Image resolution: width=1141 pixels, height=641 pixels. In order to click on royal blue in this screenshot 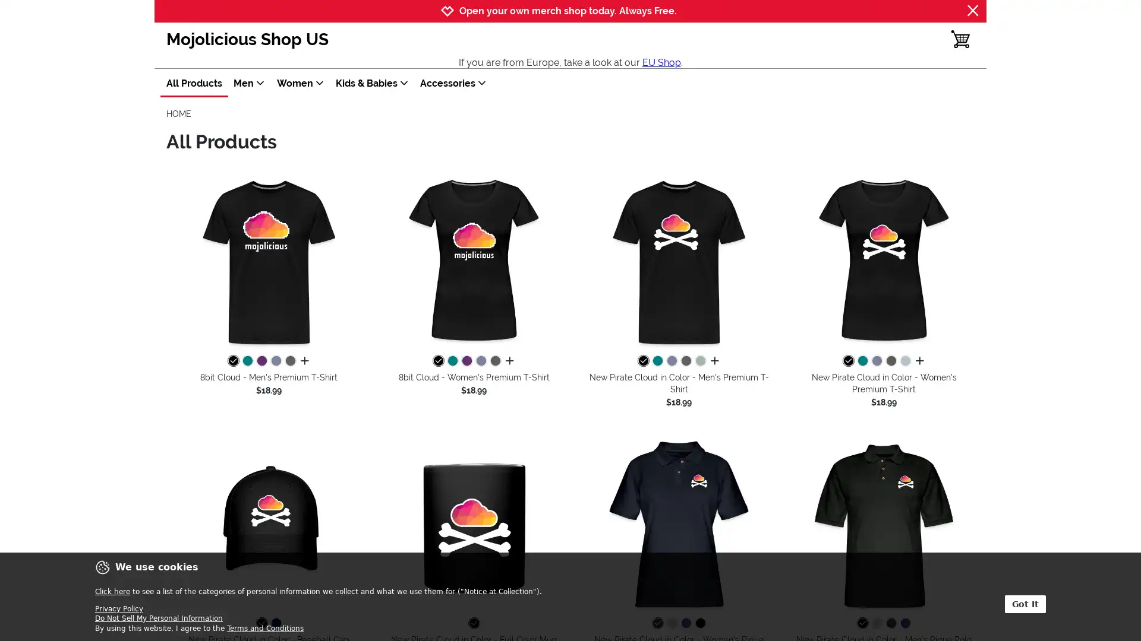, I will do `click(685, 623)`.